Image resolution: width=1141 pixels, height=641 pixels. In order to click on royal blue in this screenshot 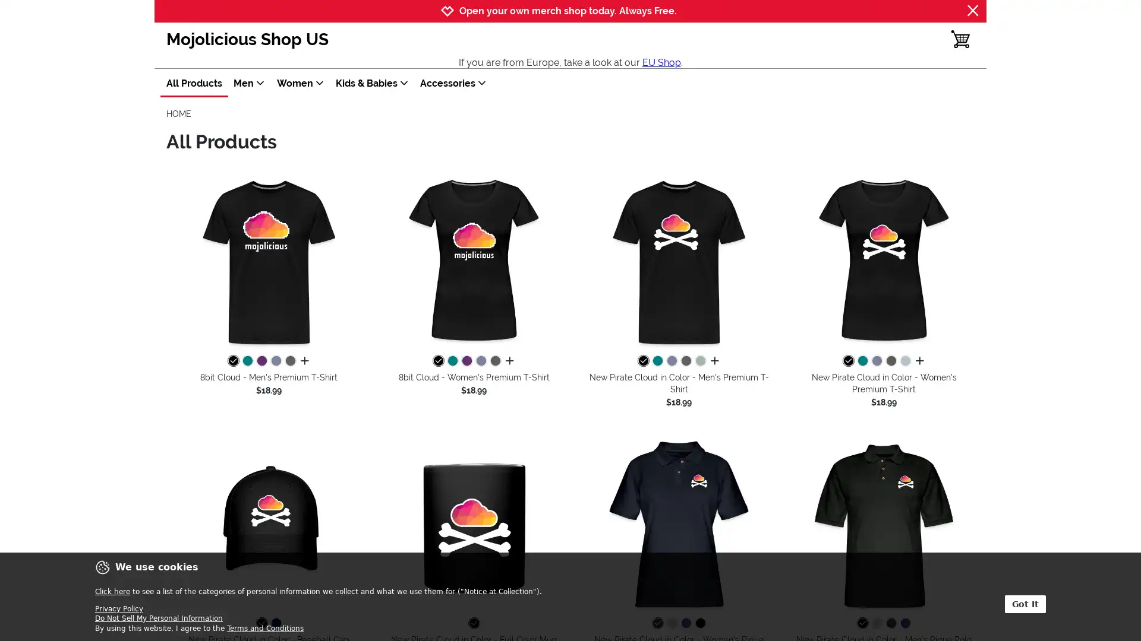, I will do `click(685, 623)`.